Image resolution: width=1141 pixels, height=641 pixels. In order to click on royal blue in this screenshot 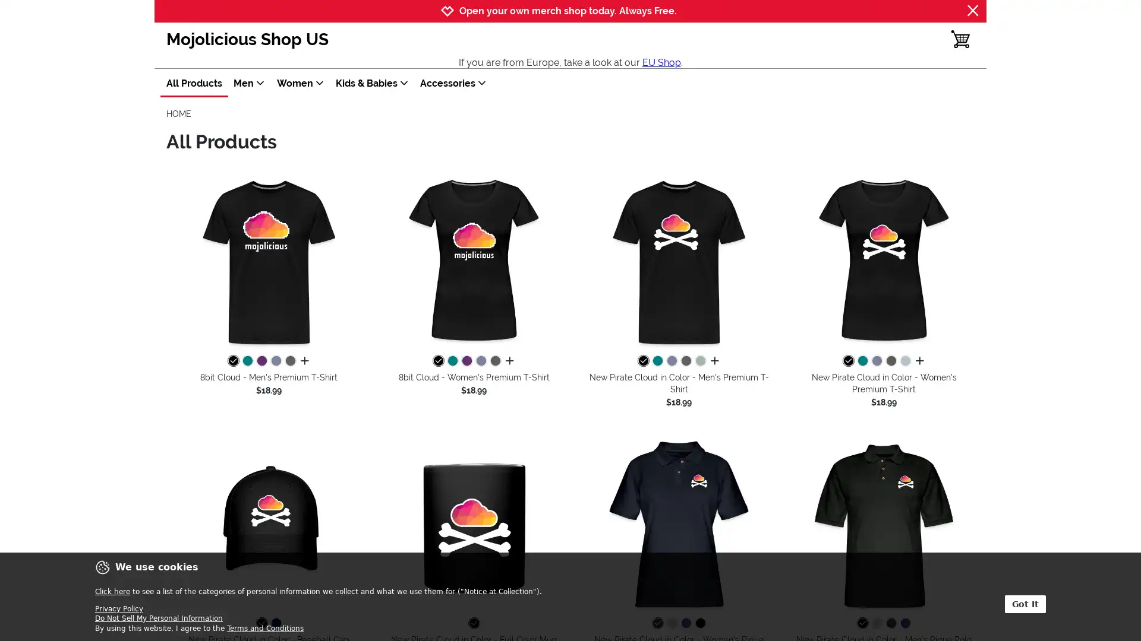, I will do `click(685, 623)`.